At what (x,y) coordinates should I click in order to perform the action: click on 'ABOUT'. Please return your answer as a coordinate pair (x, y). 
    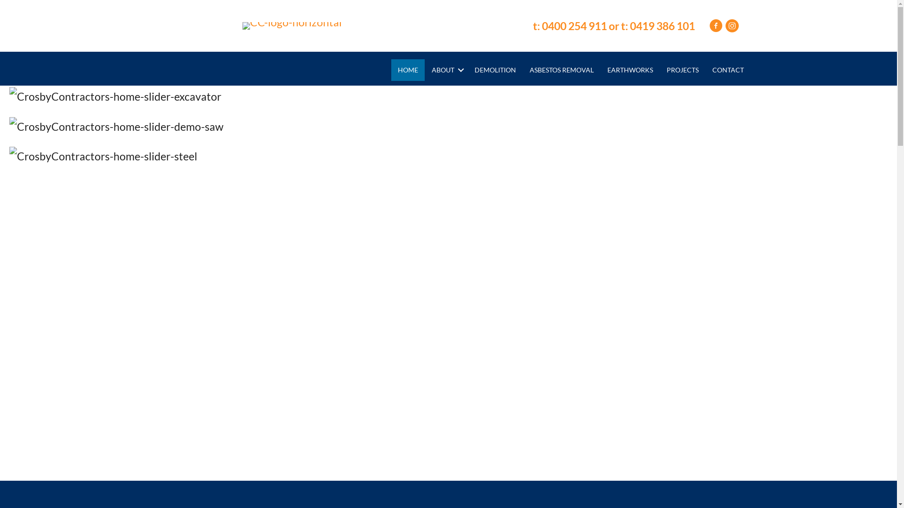
    Looking at the image, I should click on (446, 70).